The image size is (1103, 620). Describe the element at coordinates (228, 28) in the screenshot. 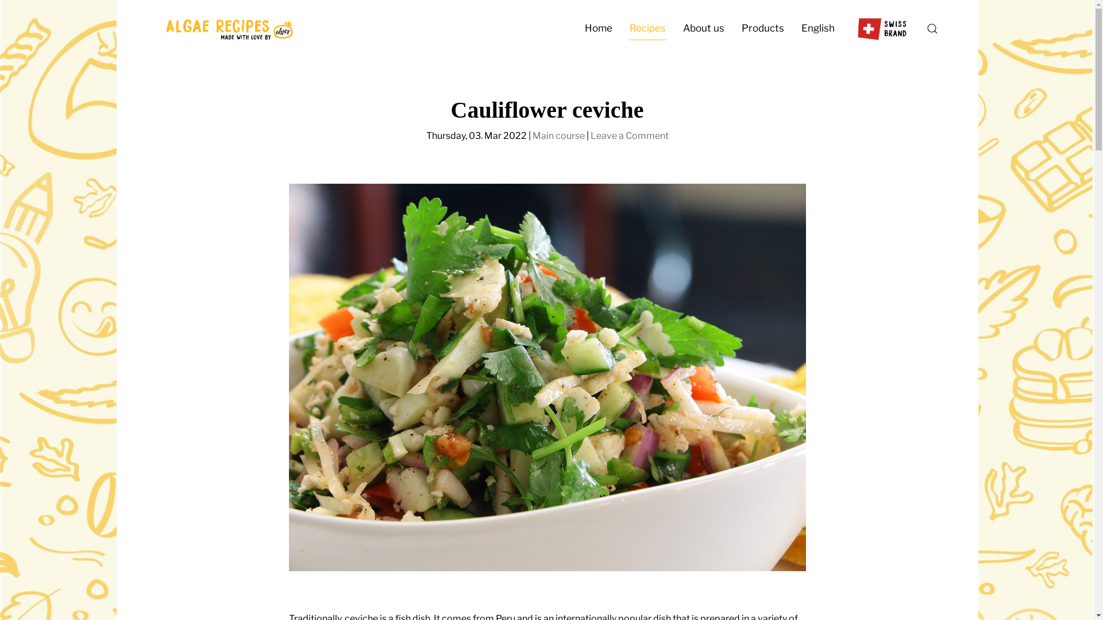

I see `'Algae Recipes | Made with love by Alver World SA'` at that location.